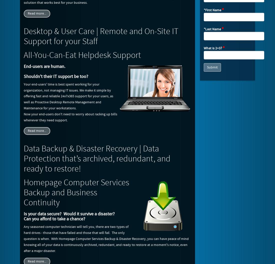 The width and height of the screenshot is (275, 264). I want to click on 'Desktop & User Care | Remote and On-Site IT Support for your Staff', so click(101, 36).